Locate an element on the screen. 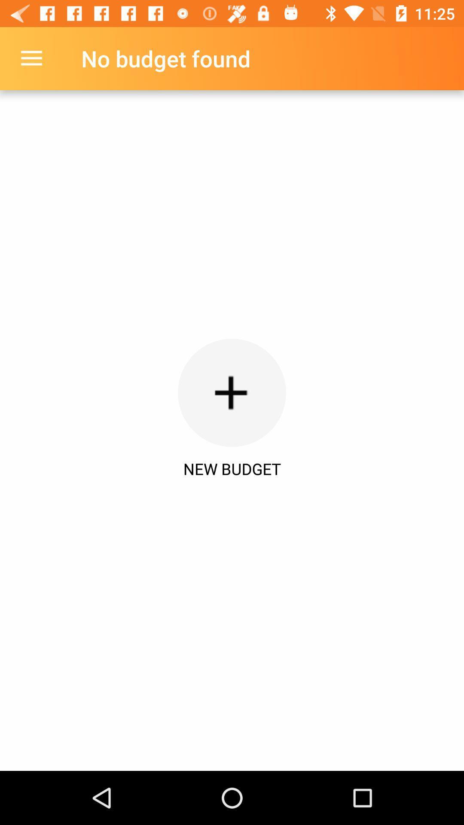  the new budget icon is located at coordinates (232, 468).